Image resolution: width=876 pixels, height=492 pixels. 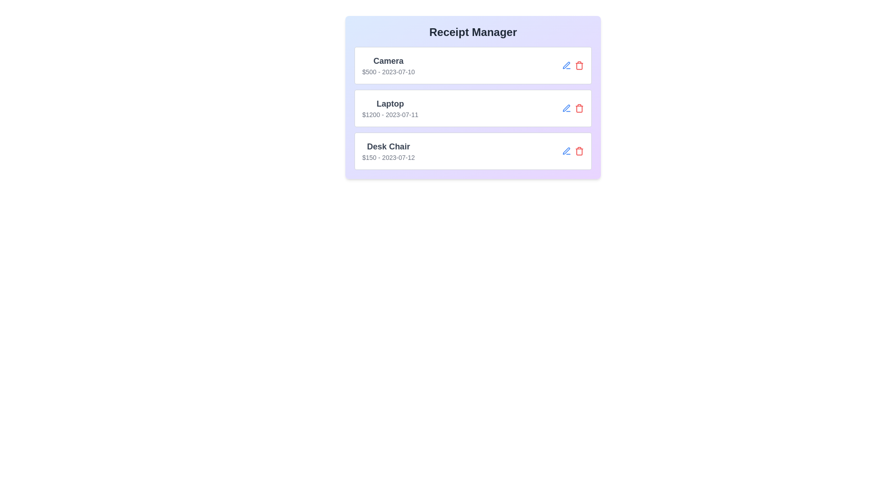 What do you see at coordinates (566, 108) in the screenshot?
I see `the edit button for the receipt entry corresponding to Laptop` at bounding box center [566, 108].